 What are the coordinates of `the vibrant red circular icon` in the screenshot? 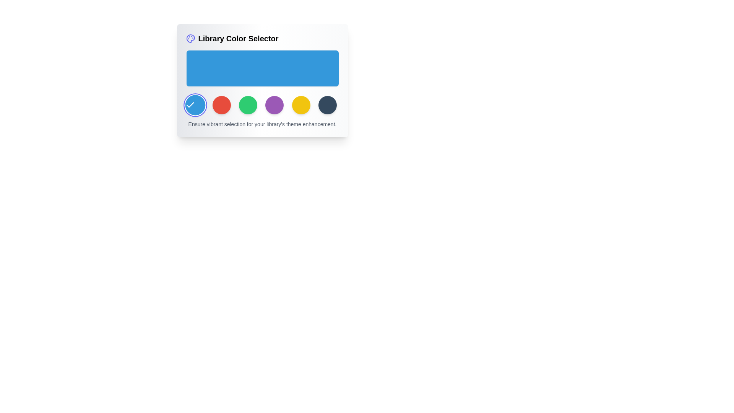 It's located at (221, 105).